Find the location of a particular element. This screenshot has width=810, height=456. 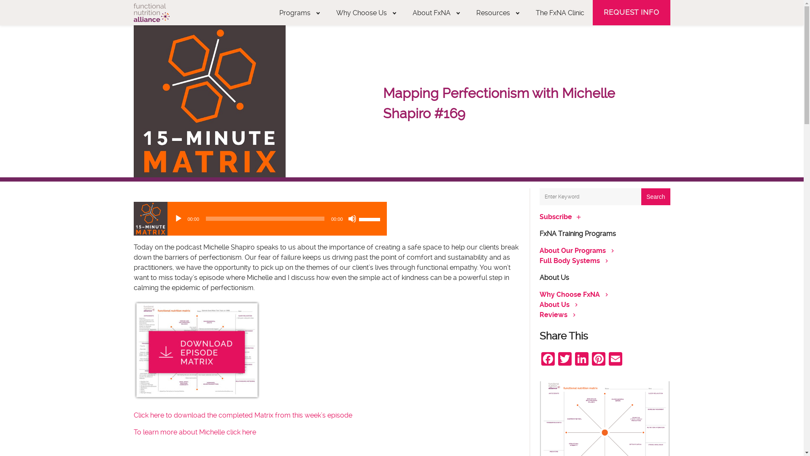

'Play' is located at coordinates (178, 218).